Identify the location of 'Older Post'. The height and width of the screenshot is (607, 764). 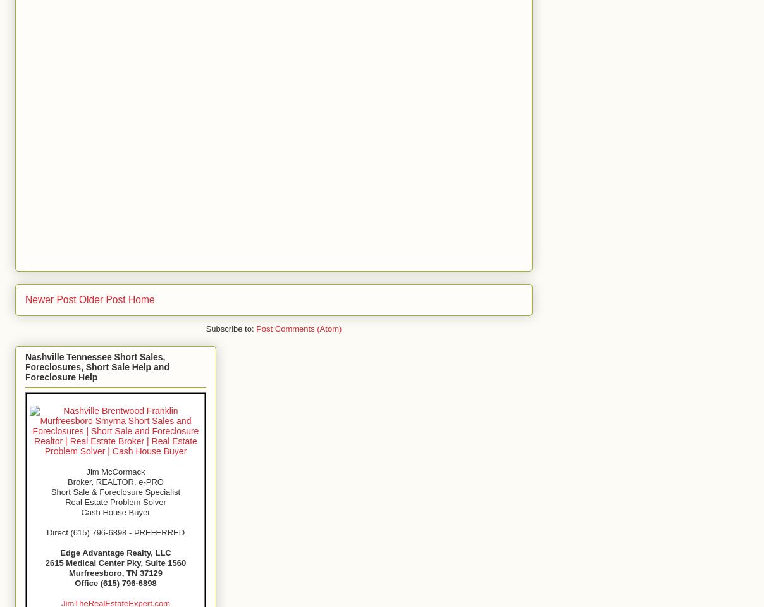
(102, 298).